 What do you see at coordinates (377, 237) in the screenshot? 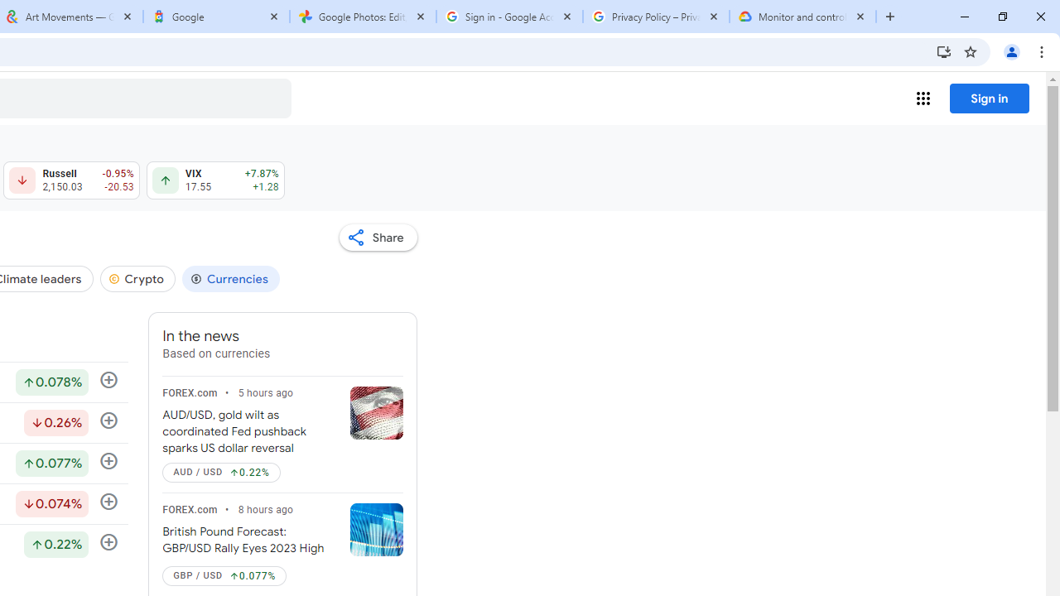
I see `'Share'` at bounding box center [377, 237].